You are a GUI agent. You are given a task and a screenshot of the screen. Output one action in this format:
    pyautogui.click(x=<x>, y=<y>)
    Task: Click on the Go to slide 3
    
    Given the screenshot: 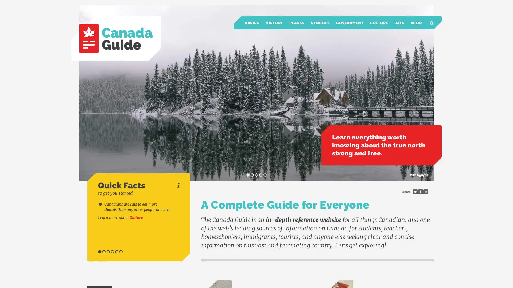 What is the action you would take?
    pyautogui.click(x=256, y=175)
    